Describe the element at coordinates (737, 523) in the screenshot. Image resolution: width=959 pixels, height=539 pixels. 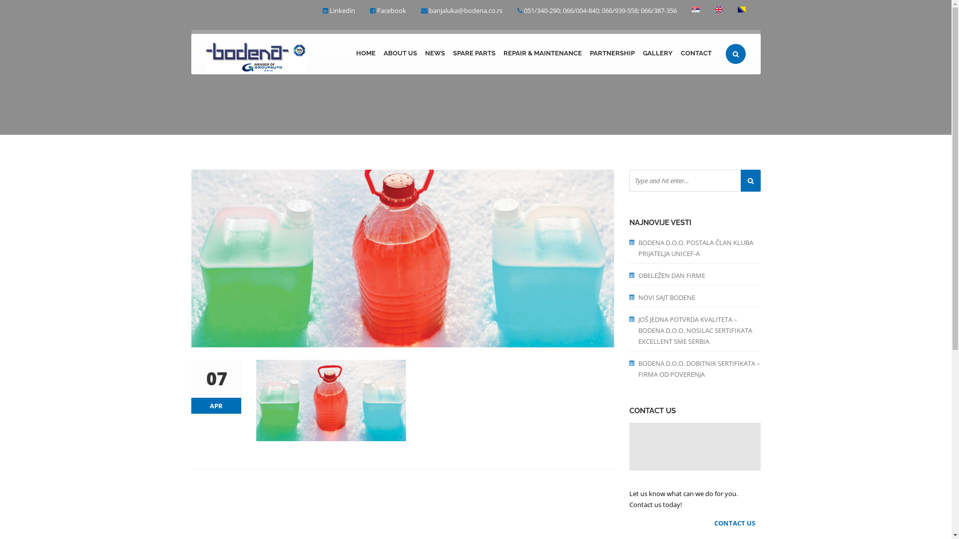
I see `'CONTACT US'` at that location.